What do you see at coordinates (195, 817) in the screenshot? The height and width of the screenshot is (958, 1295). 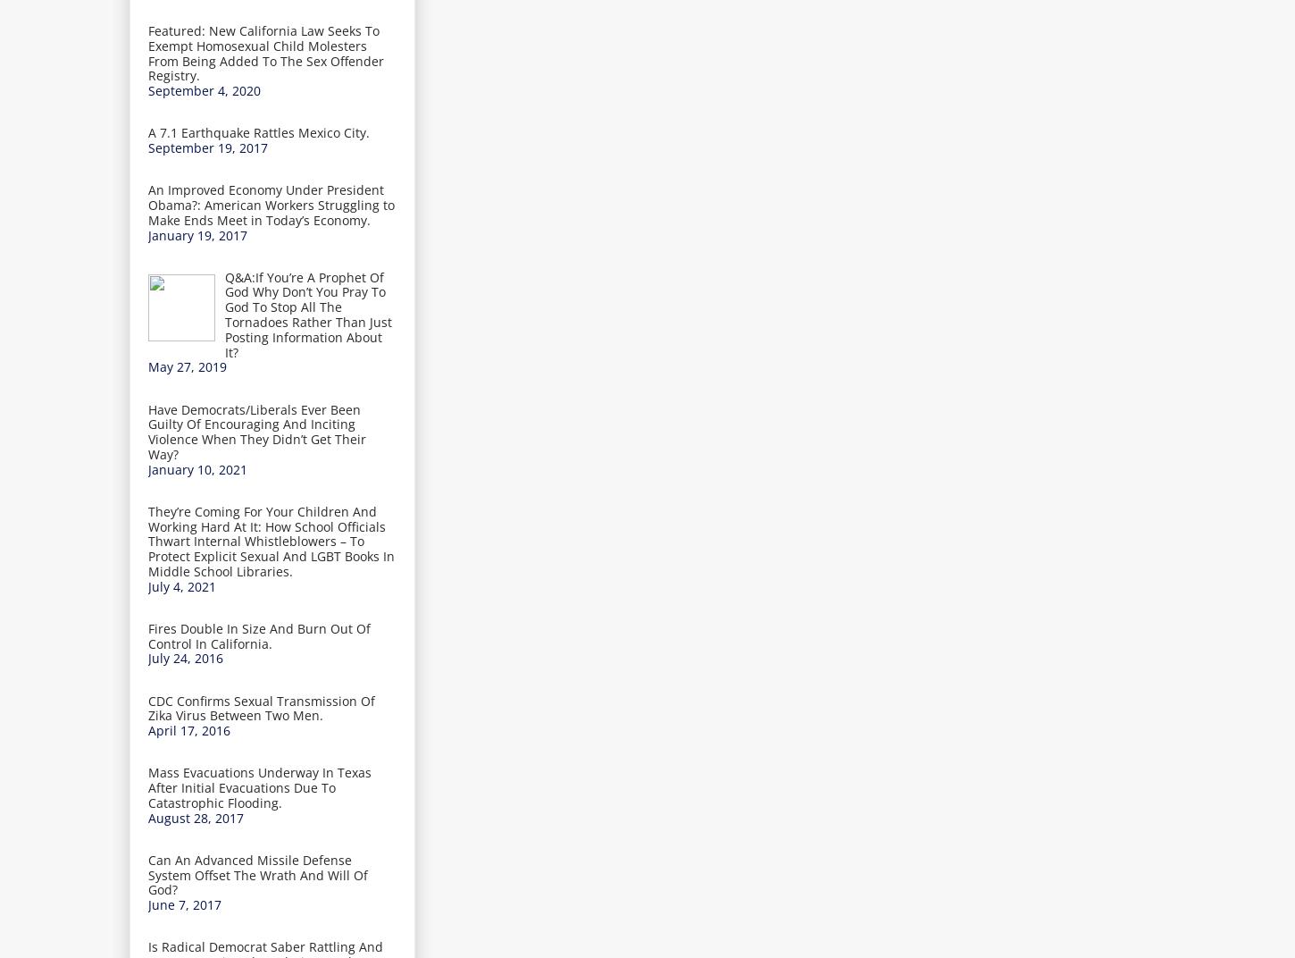 I see `'August 28, 2017'` at bounding box center [195, 817].